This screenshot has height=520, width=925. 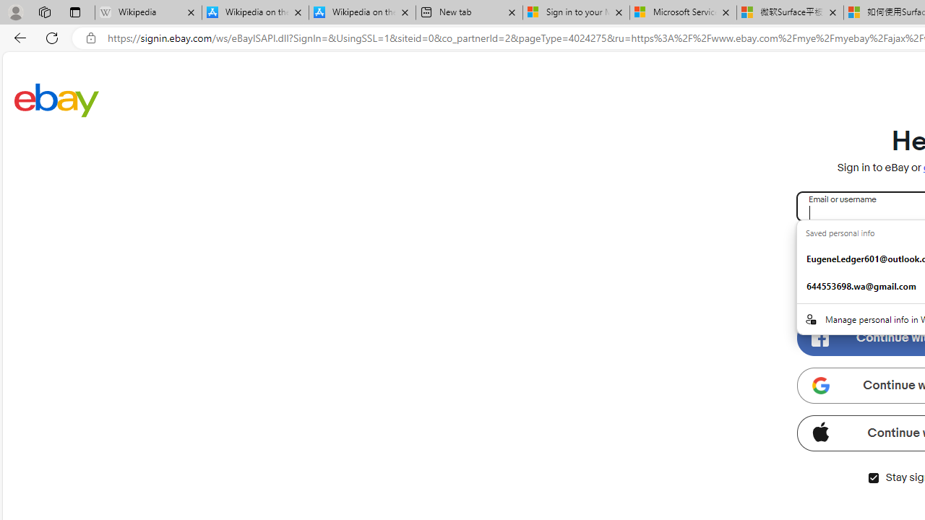 I want to click on 'eBay Home', so click(x=56, y=99).